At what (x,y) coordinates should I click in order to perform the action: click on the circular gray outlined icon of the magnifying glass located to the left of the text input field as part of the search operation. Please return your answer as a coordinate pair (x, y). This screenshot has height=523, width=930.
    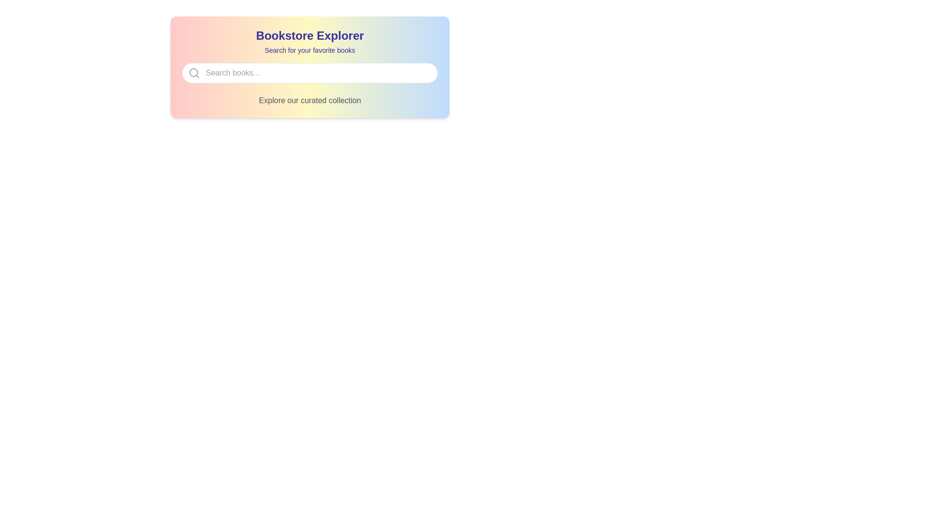
    Looking at the image, I should click on (193, 72).